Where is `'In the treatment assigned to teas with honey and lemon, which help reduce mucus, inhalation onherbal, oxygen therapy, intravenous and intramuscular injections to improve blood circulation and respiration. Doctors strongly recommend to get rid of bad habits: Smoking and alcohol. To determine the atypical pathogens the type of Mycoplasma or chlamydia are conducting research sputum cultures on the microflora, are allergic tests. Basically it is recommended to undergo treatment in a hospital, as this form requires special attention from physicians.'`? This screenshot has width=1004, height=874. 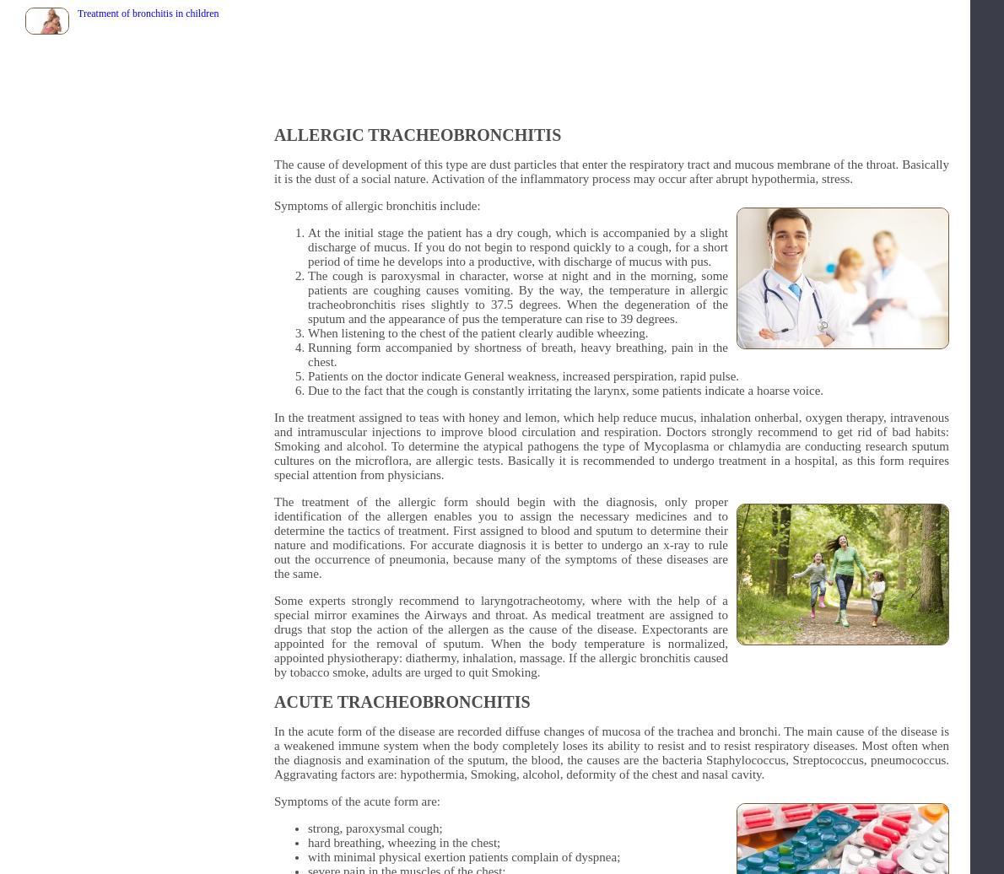
'In the treatment assigned to teas with honey and lemon, which help reduce mucus, inhalation onherbal, oxygen therapy, intravenous and intramuscular injections to improve blood circulation and respiration. Doctors strongly recommend to get rid of bad habits: Smoking and alcohol. To determine the atypical pathogens the type of Mycoplasma or chlamydia are conducting research sputum cultures on the microflora, are allergic tests. Basically it is recommended to undergo treatment in a hospital, as this form requires special attention from physicians.' is located at coordinates (273, 445).